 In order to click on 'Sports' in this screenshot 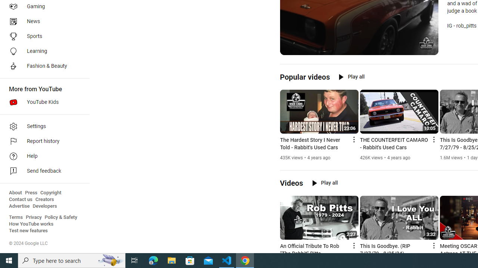, I will do `click(42, 36)`.